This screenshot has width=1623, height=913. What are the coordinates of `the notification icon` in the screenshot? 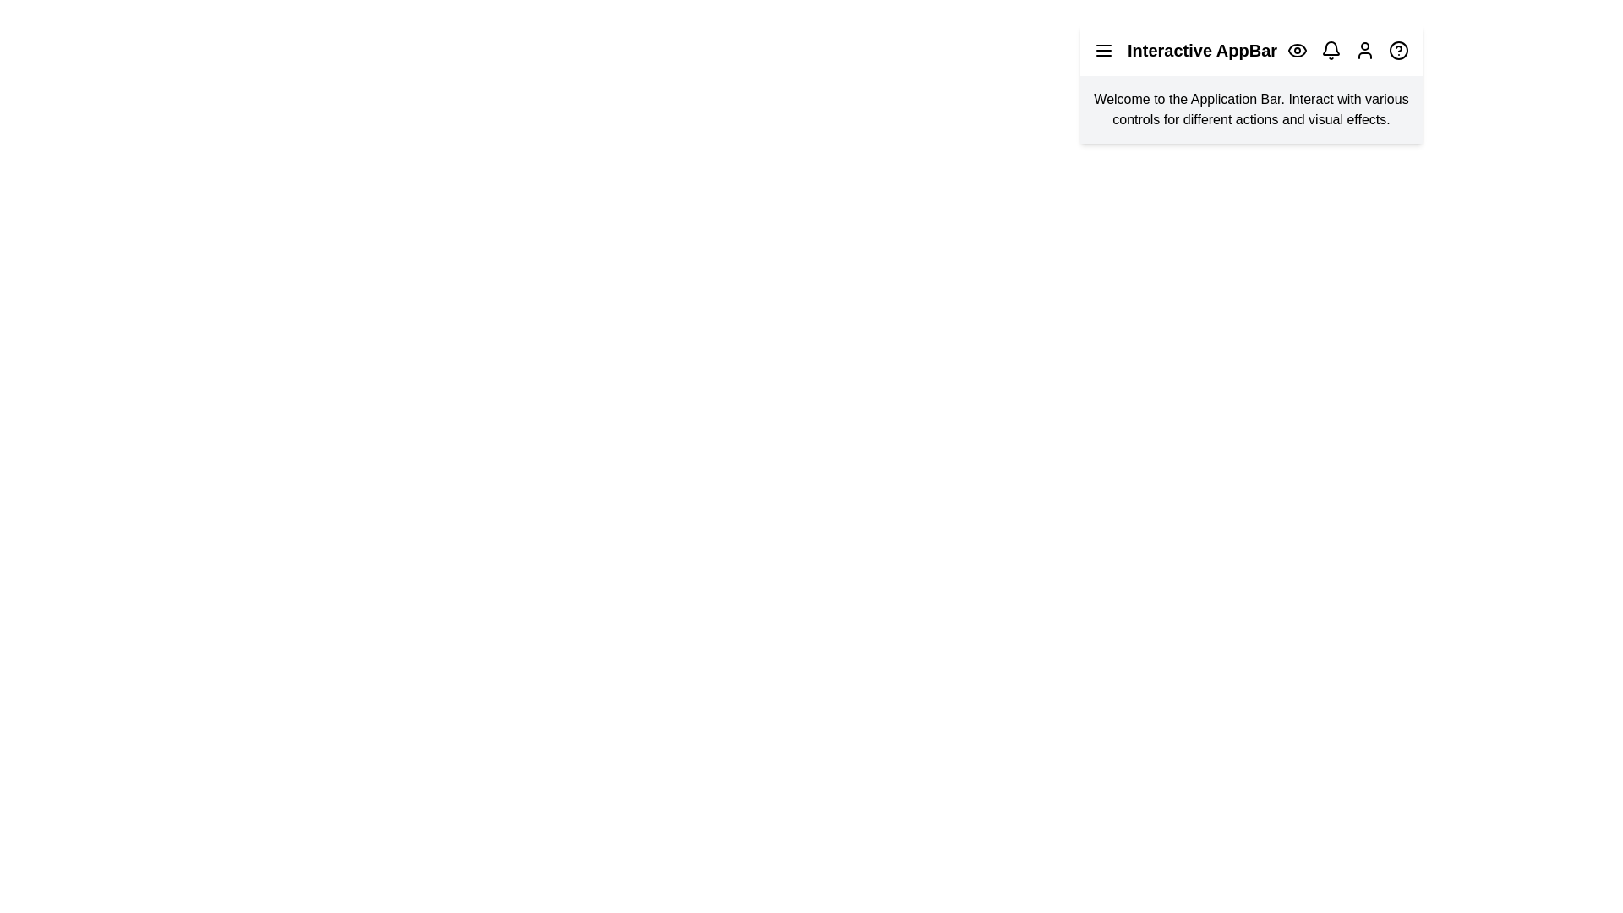 It's located at (1330, 50).